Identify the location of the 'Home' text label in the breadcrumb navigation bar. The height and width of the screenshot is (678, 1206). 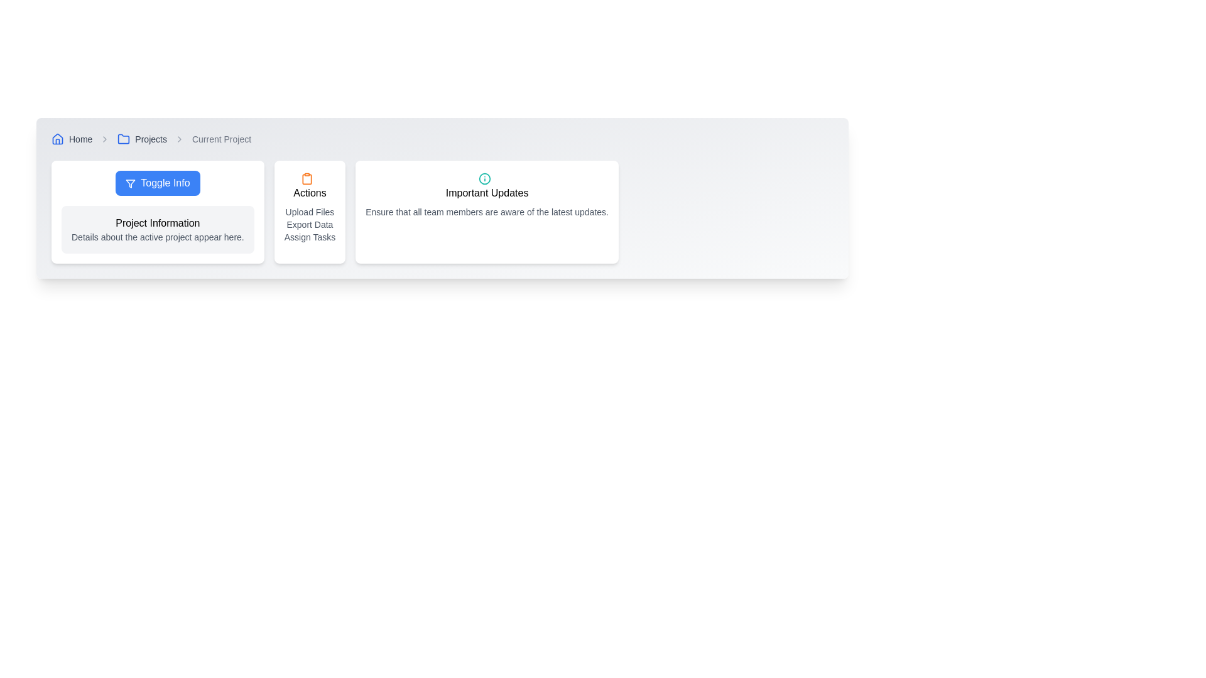
(71, 139).